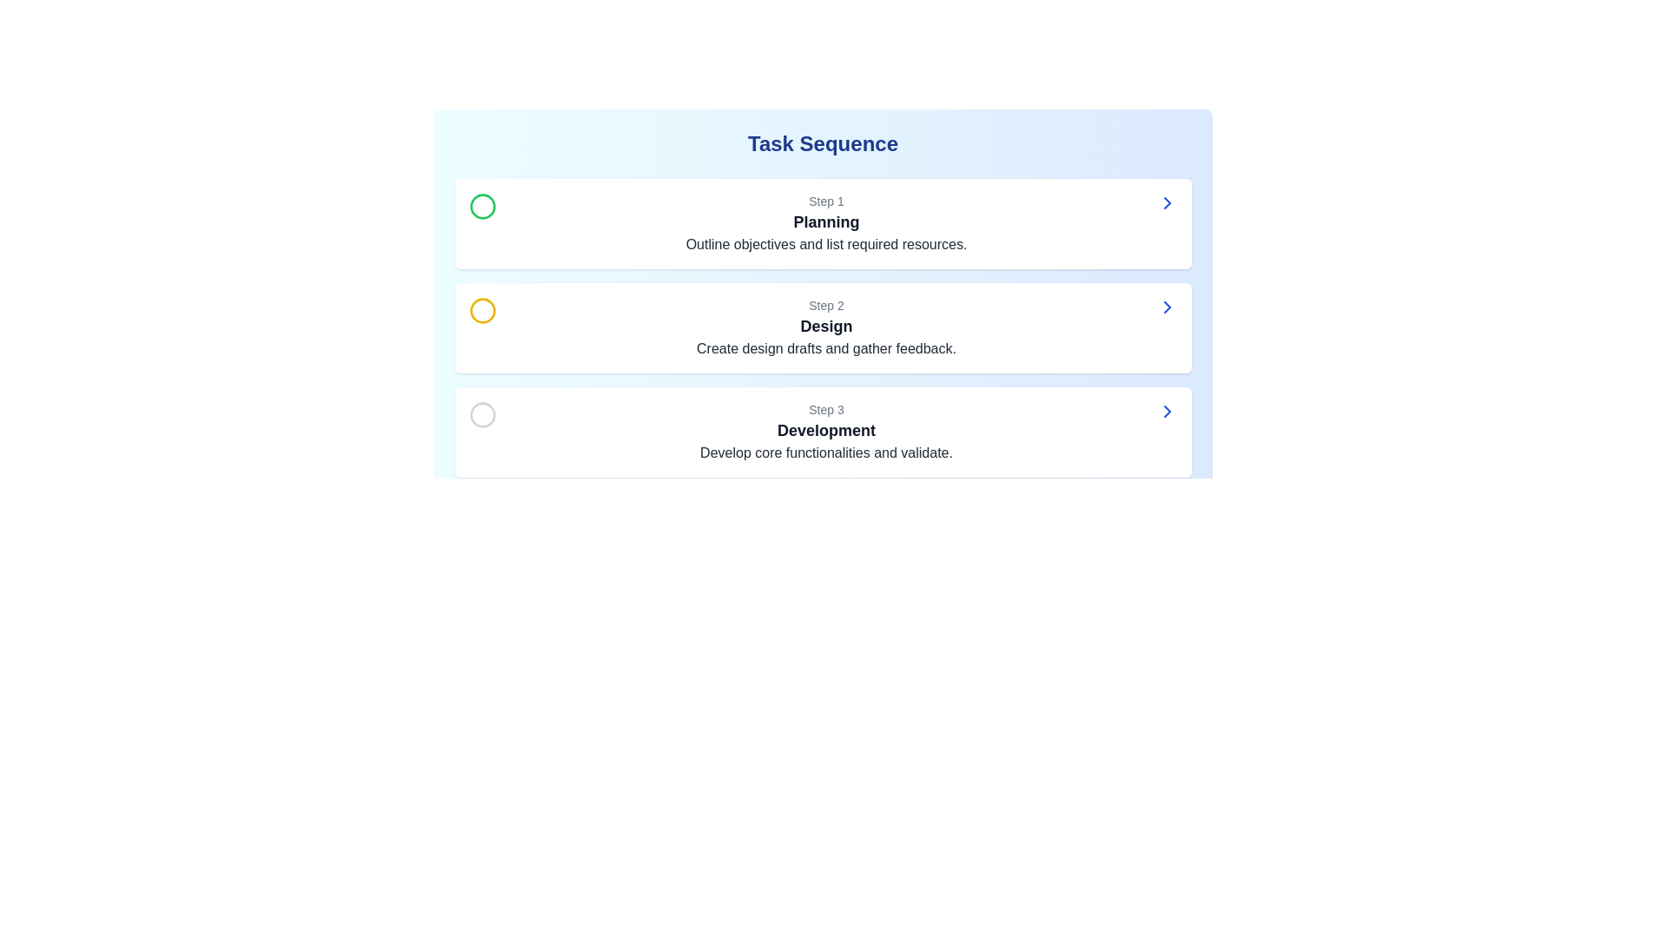  What do you see at coordinates (482, 310) in the screenshot?
I see `the circular icon marker with a yellow outline and white interior located in the second step labeled 'Design' in the process sequence component` at bounding box center [482, 310].